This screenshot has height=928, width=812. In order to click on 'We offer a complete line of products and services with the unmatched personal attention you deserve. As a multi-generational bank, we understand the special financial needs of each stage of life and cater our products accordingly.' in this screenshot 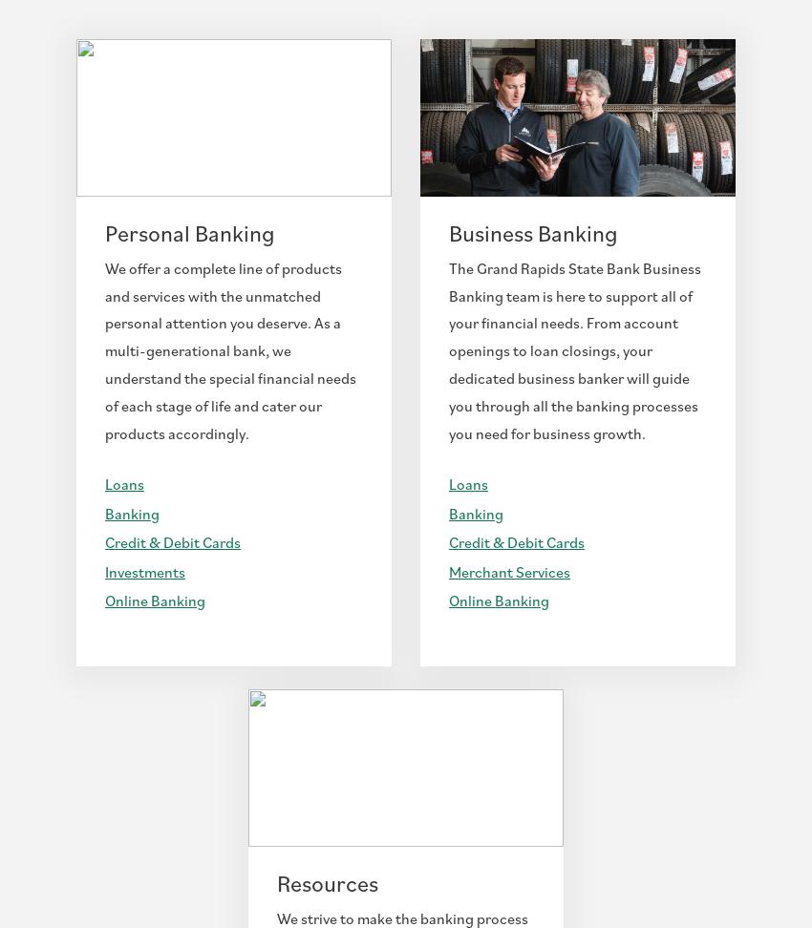, I will do `click(230, 349)`.